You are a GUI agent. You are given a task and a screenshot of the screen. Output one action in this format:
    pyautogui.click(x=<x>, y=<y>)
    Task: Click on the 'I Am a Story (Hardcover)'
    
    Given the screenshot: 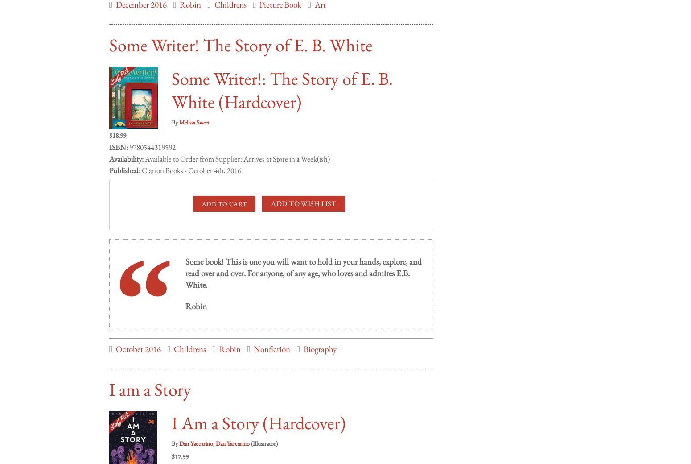 What is the action you would take?
    pyautogui.click(x=259, y=413)
    